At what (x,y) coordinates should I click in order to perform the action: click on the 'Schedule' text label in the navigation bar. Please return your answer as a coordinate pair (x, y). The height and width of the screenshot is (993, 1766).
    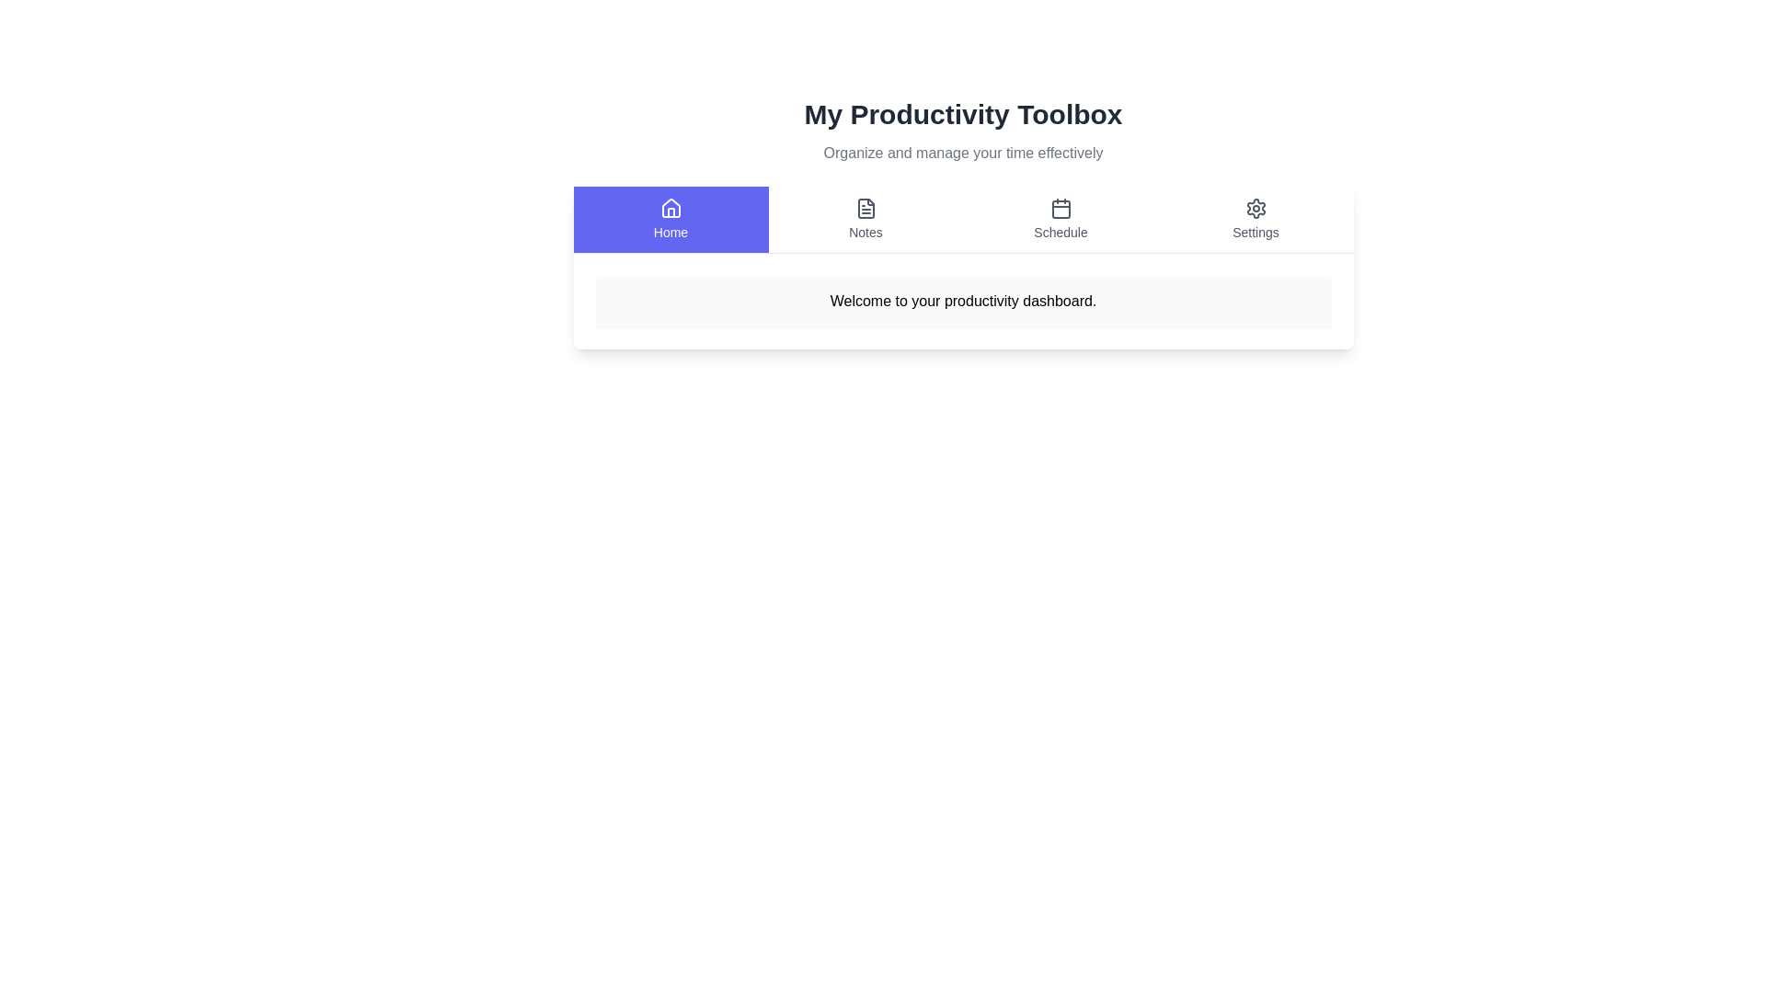
    Looking at the image, I should click on (1061, 232).